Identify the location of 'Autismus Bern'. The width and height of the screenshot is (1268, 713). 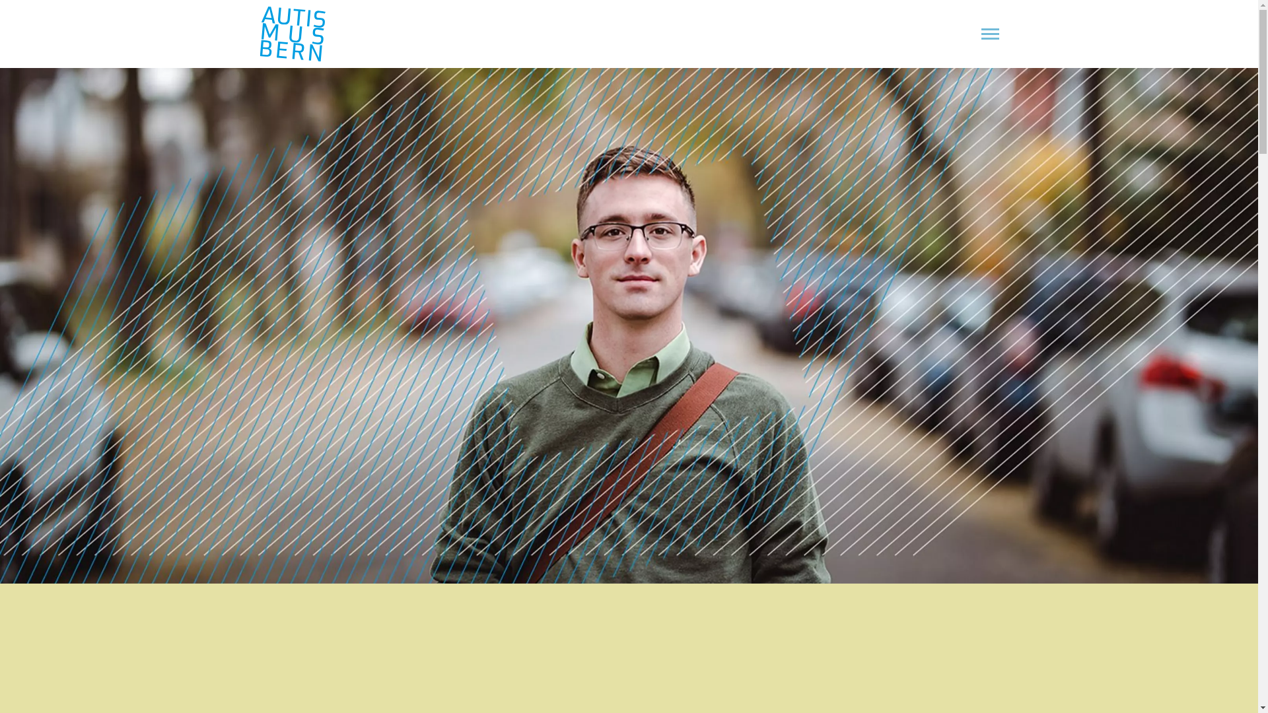
(259, 33).